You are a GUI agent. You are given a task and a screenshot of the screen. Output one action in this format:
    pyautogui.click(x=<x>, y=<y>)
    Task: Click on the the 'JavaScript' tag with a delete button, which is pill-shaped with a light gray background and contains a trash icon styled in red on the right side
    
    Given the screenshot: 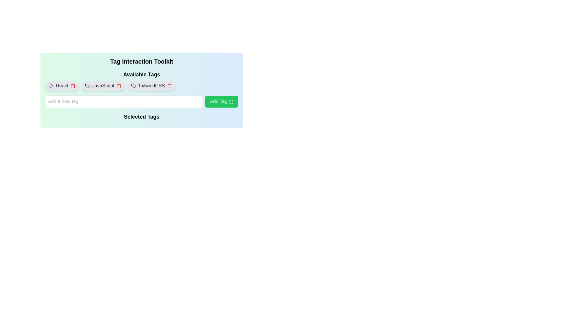 What is the action you would take?
    pyautogui.click(x=103, y=86)
    